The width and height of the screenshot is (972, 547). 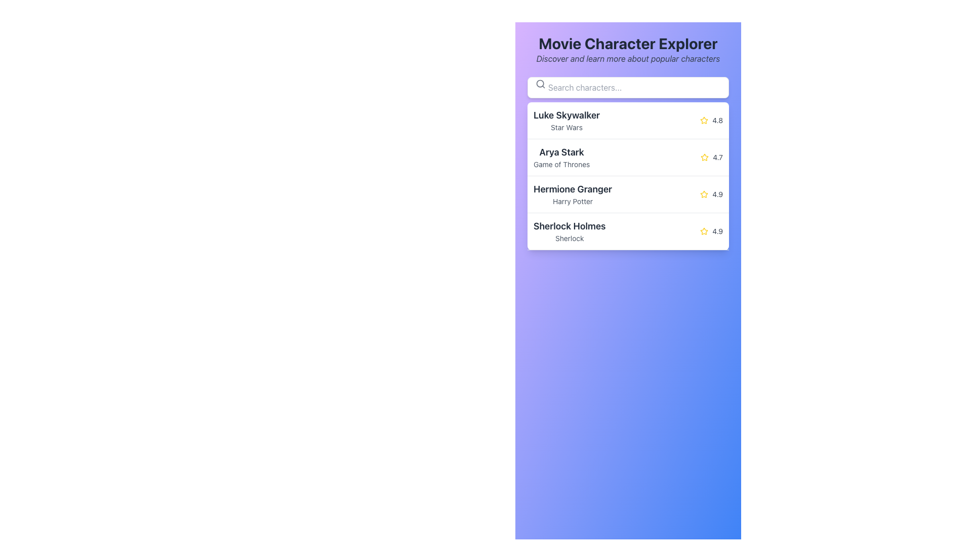 What do you see at coordinates (628, 120) in the screenshot?
I see `the first list item displaying the character profile for 'Luke Skywalker' with the subtitle 'Star Wars' and a rating of '4.8'` at bounding box center [628, 120].